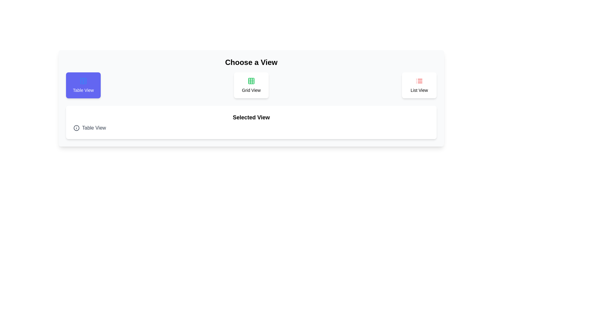  I want to click on the 'Grid View' button by clicking on its icon located at the center of the button, so click(251, 81).